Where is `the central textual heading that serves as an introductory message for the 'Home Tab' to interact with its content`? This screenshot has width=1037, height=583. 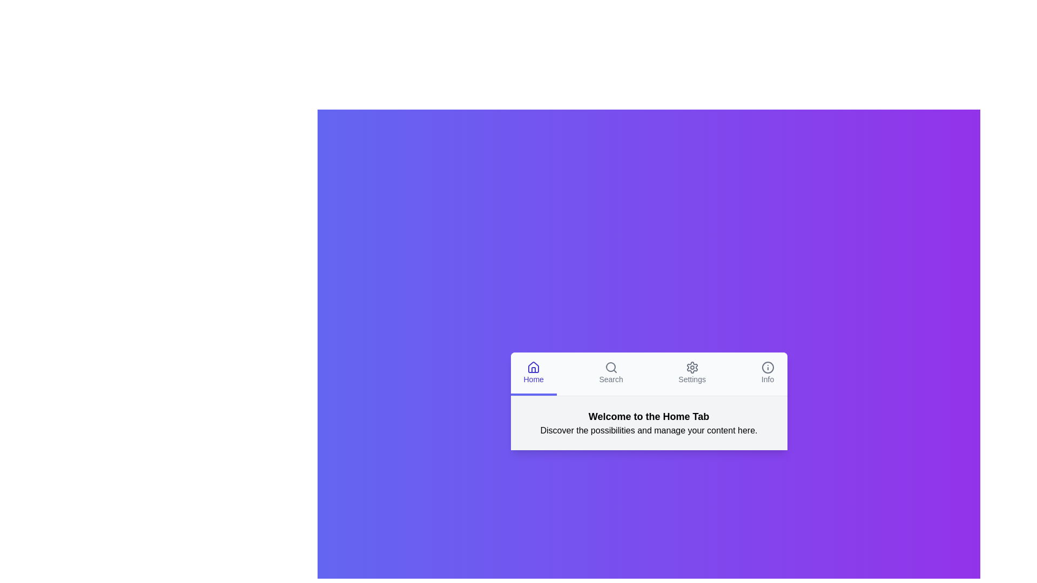
the central textual heading that serves as an introductory message for the 'Home Tab' to interact with its content is located at coordinates (648, 422).